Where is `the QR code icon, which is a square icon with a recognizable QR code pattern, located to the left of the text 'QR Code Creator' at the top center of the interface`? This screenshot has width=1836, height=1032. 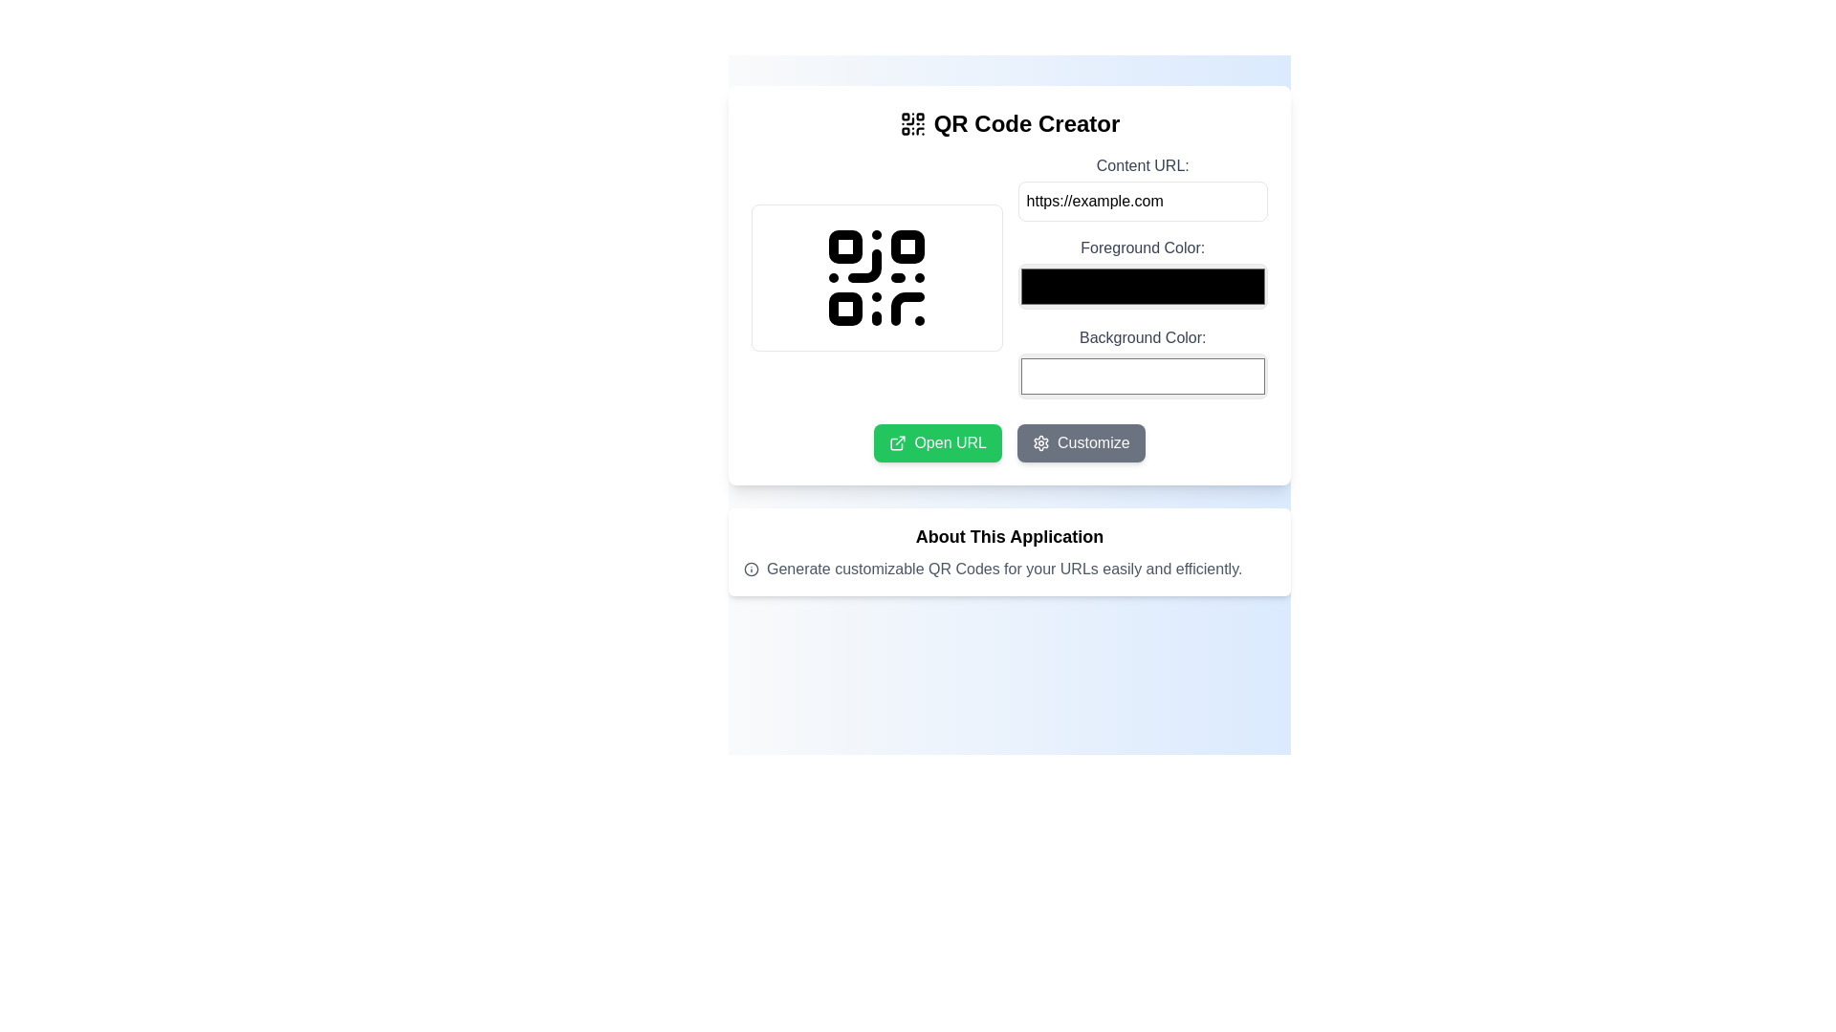
the QR code icon, which is a square icon with a recognizable QR code pattern, located to the left of the text 'QR Code Creator' at the top center of the interface is located at coordinates (911, 124).